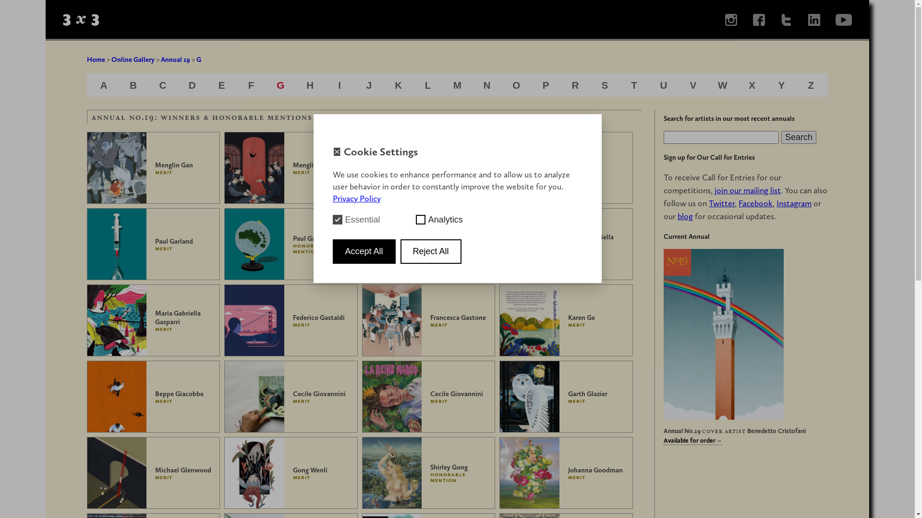 The image size is (922, 518). Describe the element at coordinates (280, 84) in the screenshot. I see `'G'` at that location.